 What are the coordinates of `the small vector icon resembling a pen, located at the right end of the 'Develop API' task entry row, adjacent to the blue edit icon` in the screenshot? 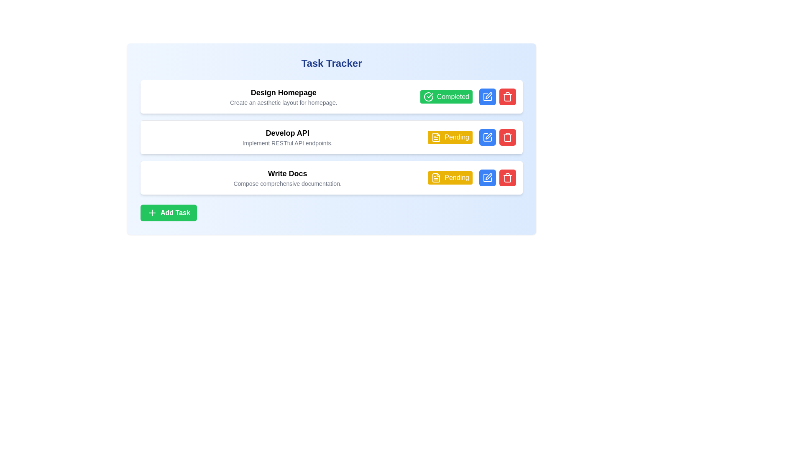 It's located at (488, 136).